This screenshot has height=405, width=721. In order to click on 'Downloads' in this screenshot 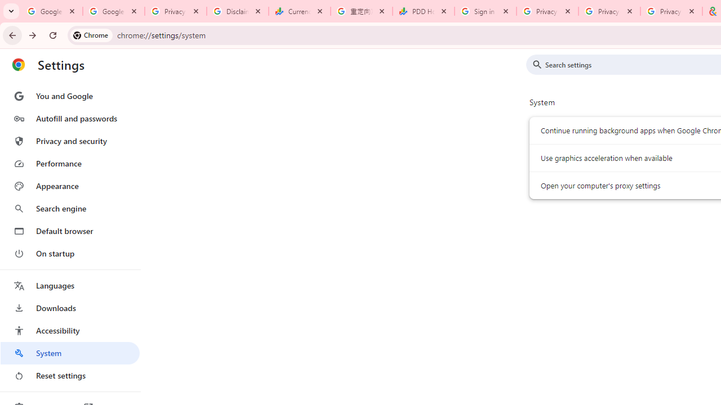, I will do `click(69, 308)`.